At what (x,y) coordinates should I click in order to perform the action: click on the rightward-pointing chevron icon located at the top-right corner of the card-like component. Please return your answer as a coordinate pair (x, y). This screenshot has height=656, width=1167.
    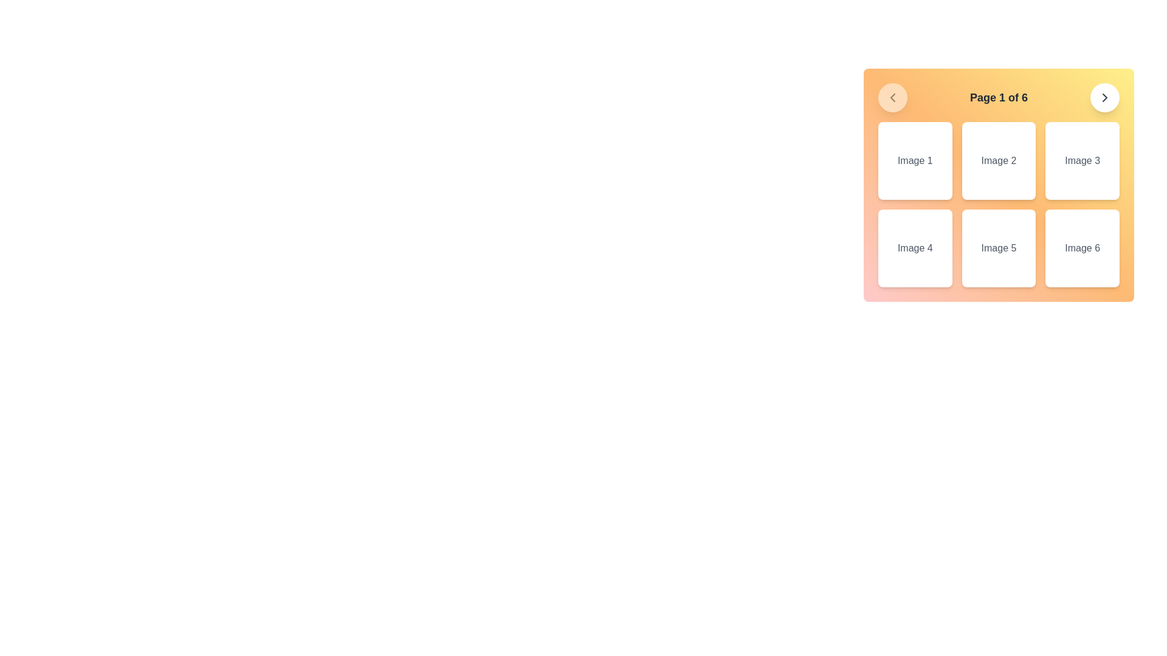
    Looking at the image, I should click on (1105, 97).